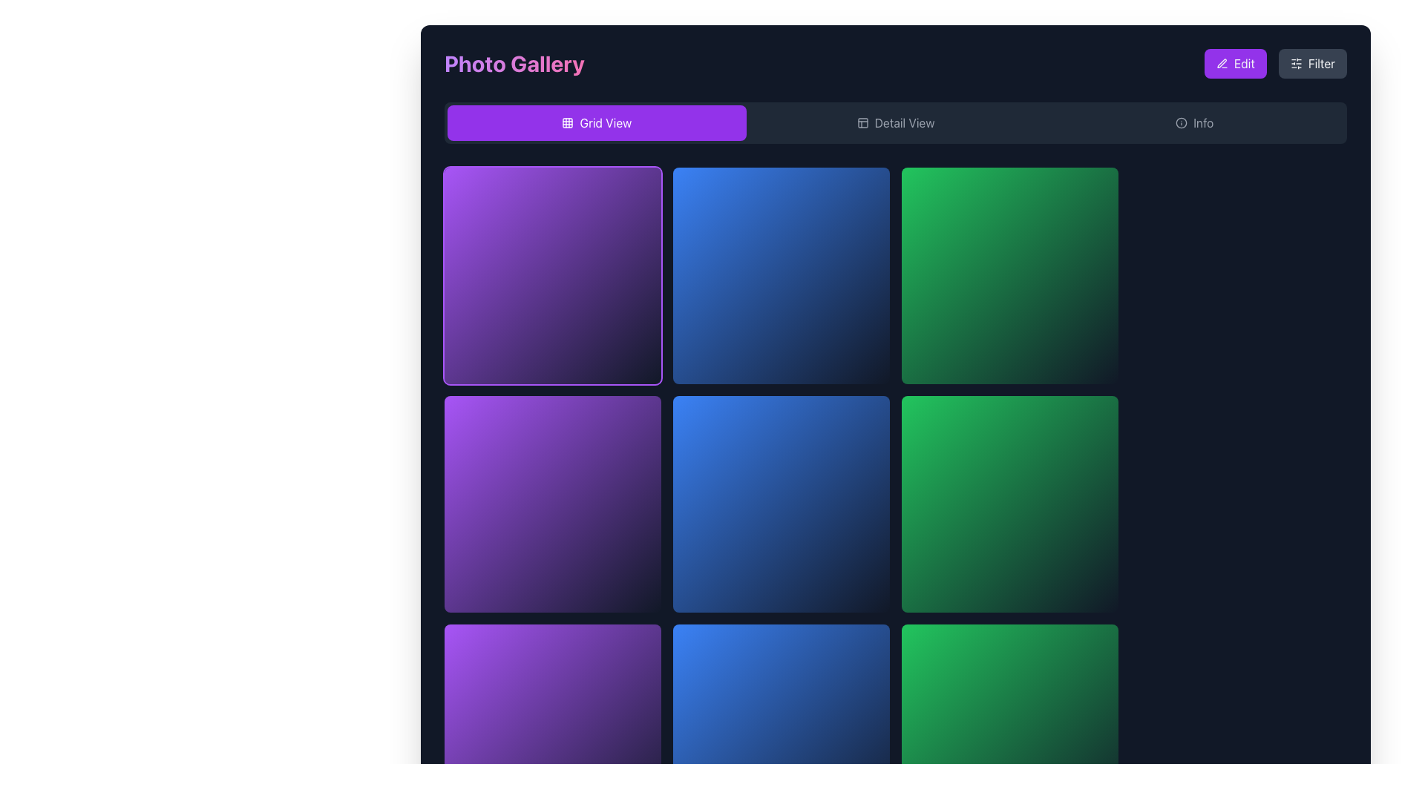  I want to click on the grid view icon, which is located to the left of the 'Grid View' text, so click(567, 122).